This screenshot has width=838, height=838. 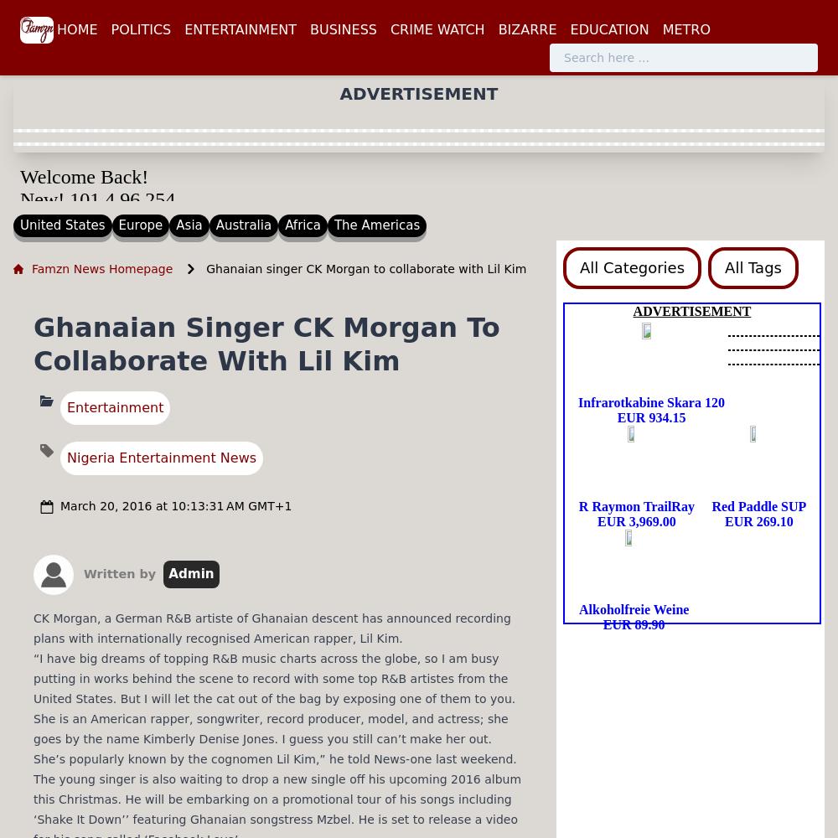 What do you see at coordinates (115, 406) in the screenshot?
I see `'entertainment'` at bounding box center [115, 406].